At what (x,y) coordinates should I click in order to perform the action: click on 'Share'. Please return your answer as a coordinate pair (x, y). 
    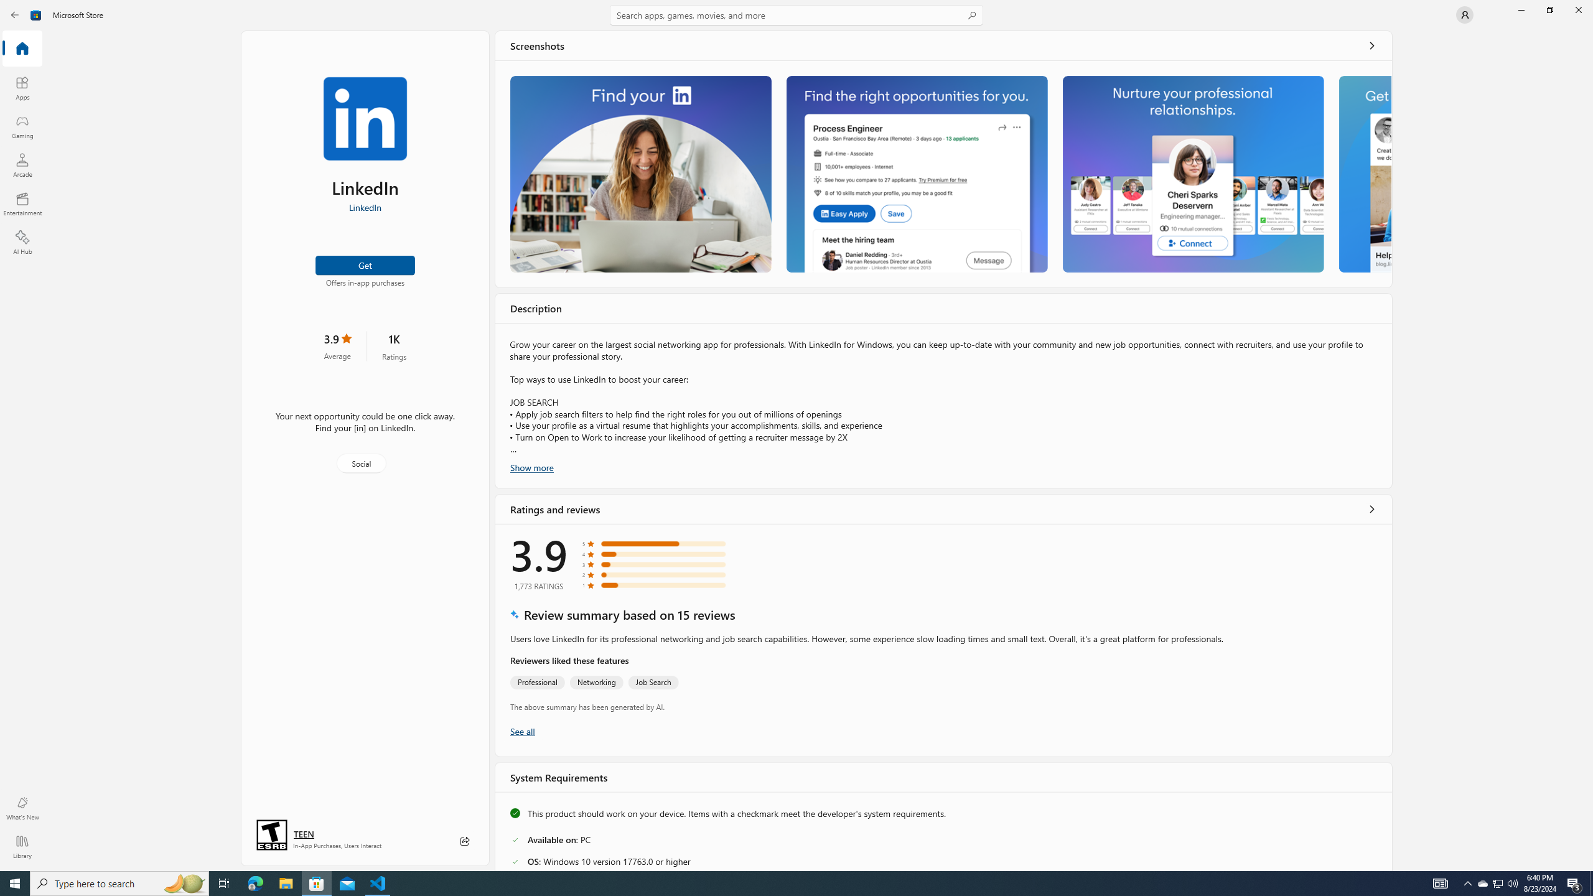
    Looking at the image, I should click on (464, 841).